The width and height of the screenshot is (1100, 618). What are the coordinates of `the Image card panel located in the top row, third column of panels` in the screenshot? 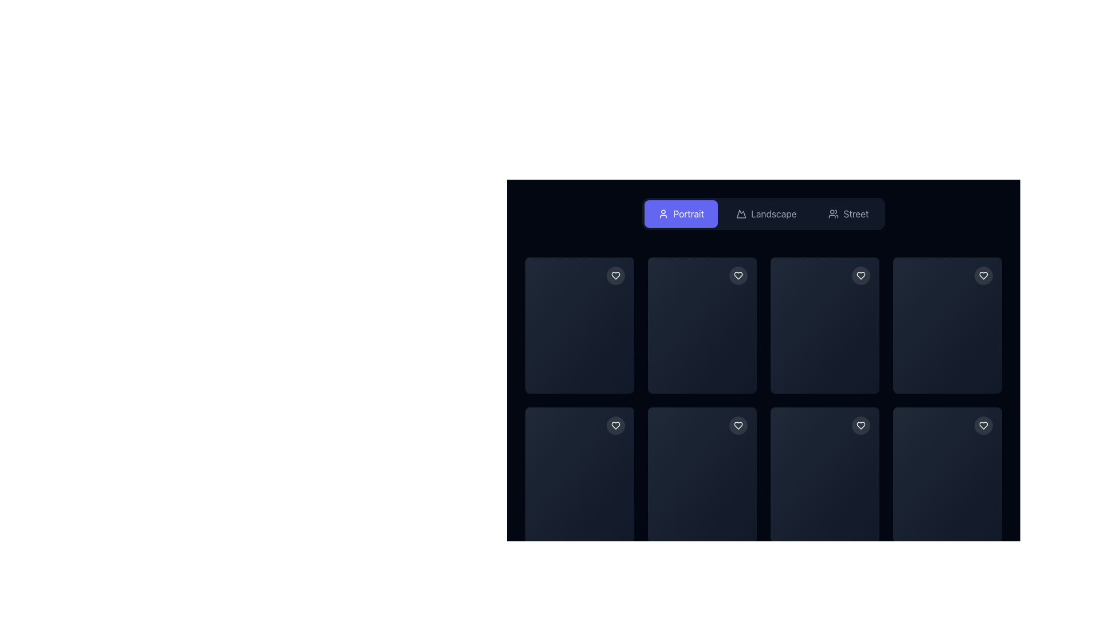 It's located at (825, 325).